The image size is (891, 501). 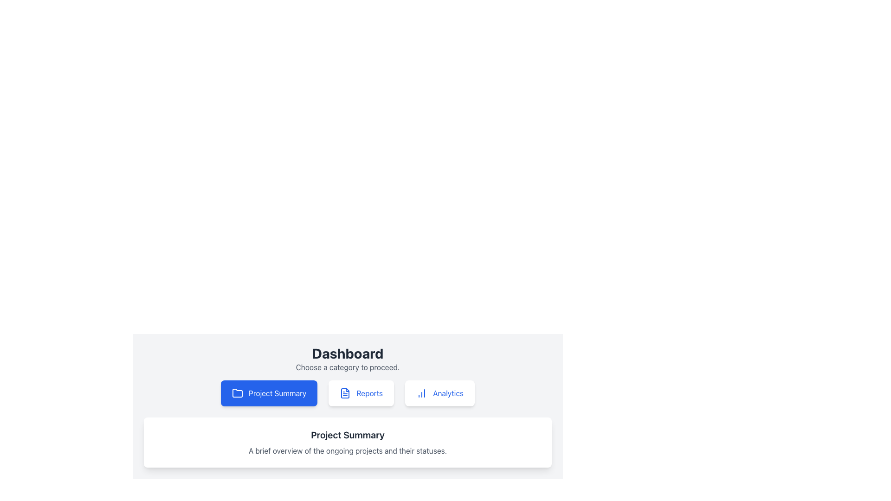 What do you see at coordinates (347, 393) in the screenshot?
I see `the 'Reports' item in the horizontal menu bar located below the 'Choose a category to proceed.' text` at bounding box center [347, 393].